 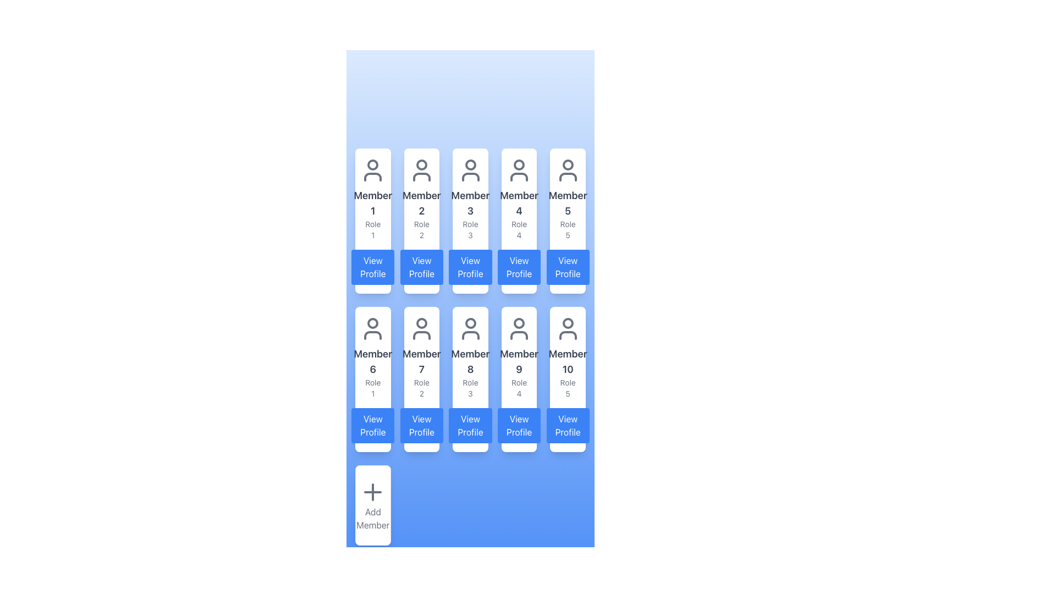 I want to click on the text label that reads 'Role 3', located within the panel labeled 'Member 3', positioned below the member name and user icon, so click(x=470, y=229).